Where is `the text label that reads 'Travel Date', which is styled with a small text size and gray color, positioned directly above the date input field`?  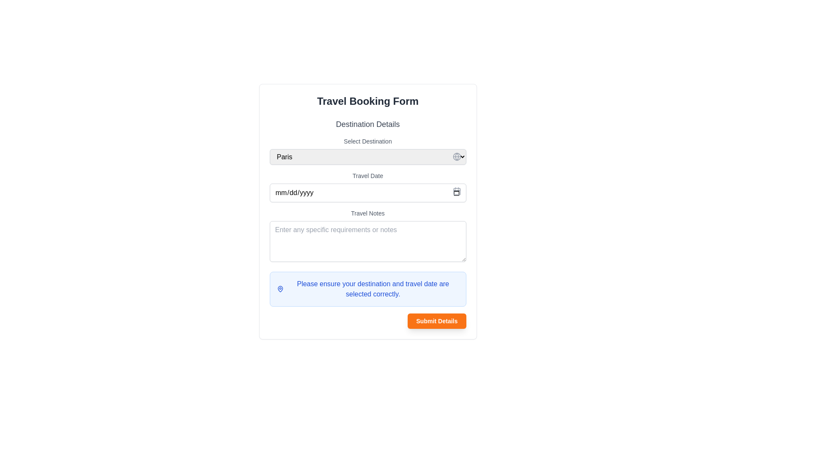 the text label that reads 'Travel Date', which is styled with a small text size and gray color, positioned directly above the date input field is located at coordinates (368, 175).